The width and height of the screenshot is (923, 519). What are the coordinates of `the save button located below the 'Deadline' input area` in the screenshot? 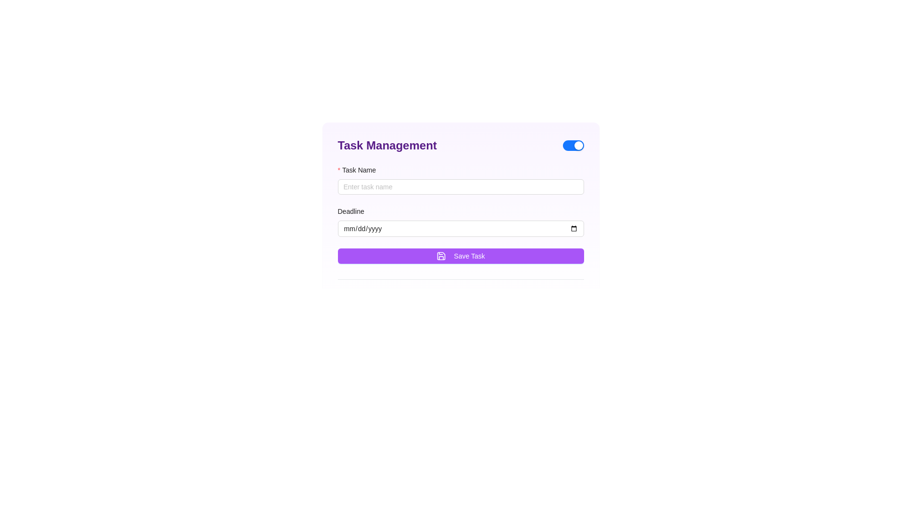 It's located at (460, 255).